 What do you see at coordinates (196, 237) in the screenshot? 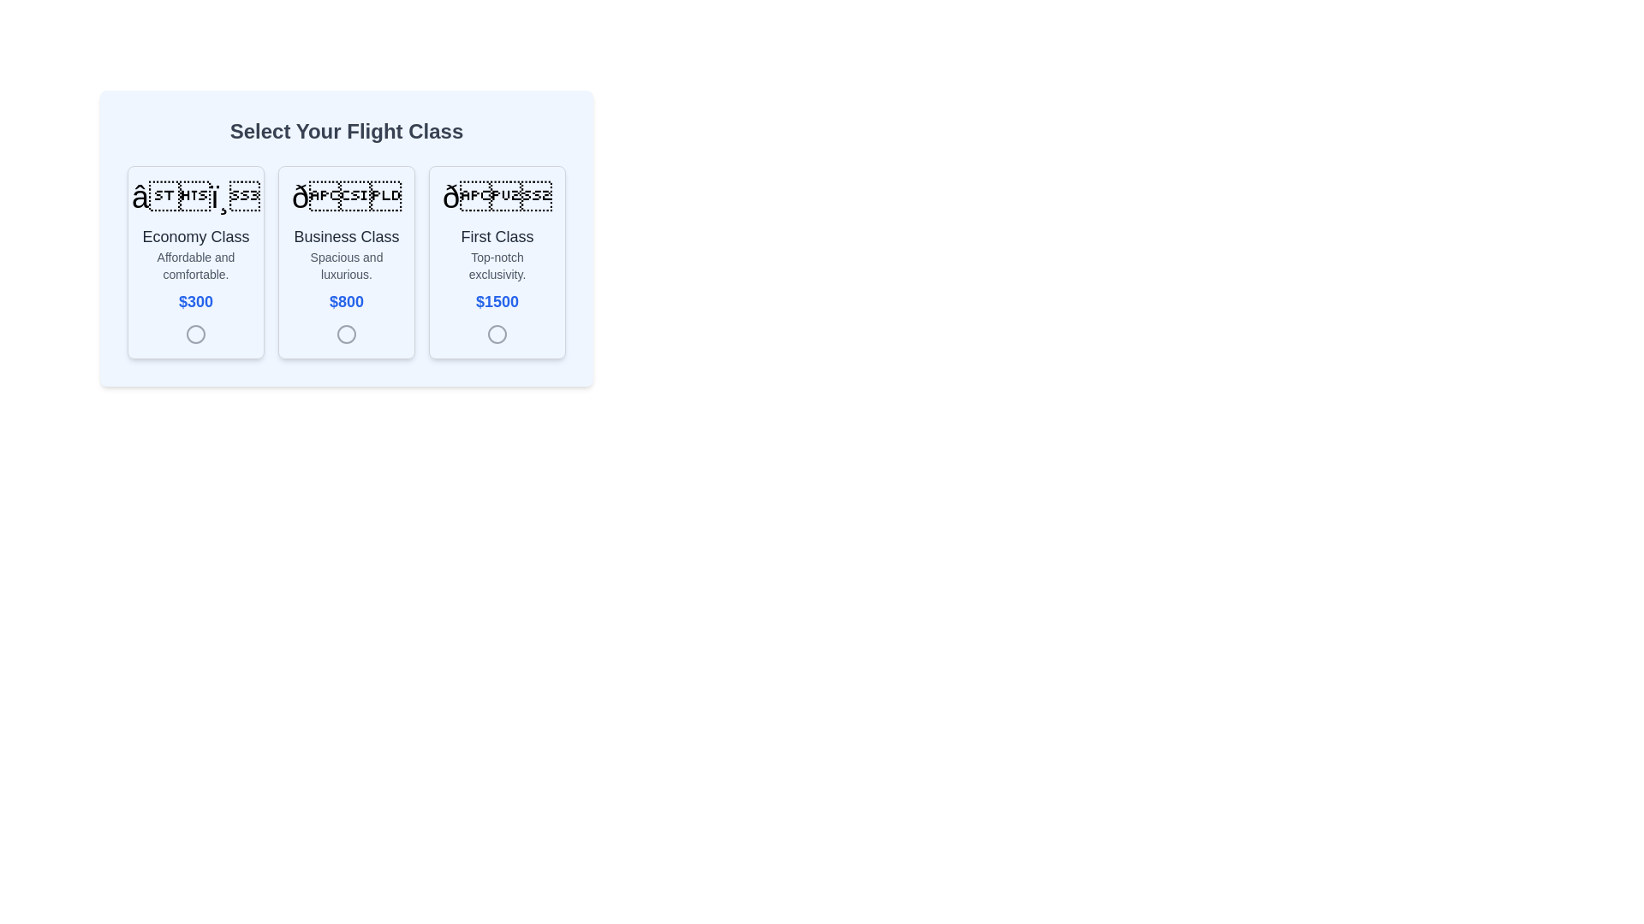
I see `text label displaying 'Economy Class', which is positioned centrally below an airplane icon and above the description 'Affordable and comfortable.'` at bounding box center [196, 237].